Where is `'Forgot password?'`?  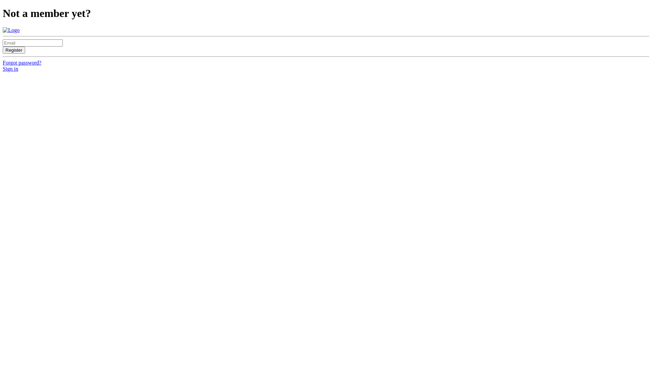
'Forgot password?' is located at coordinates (22, 63).